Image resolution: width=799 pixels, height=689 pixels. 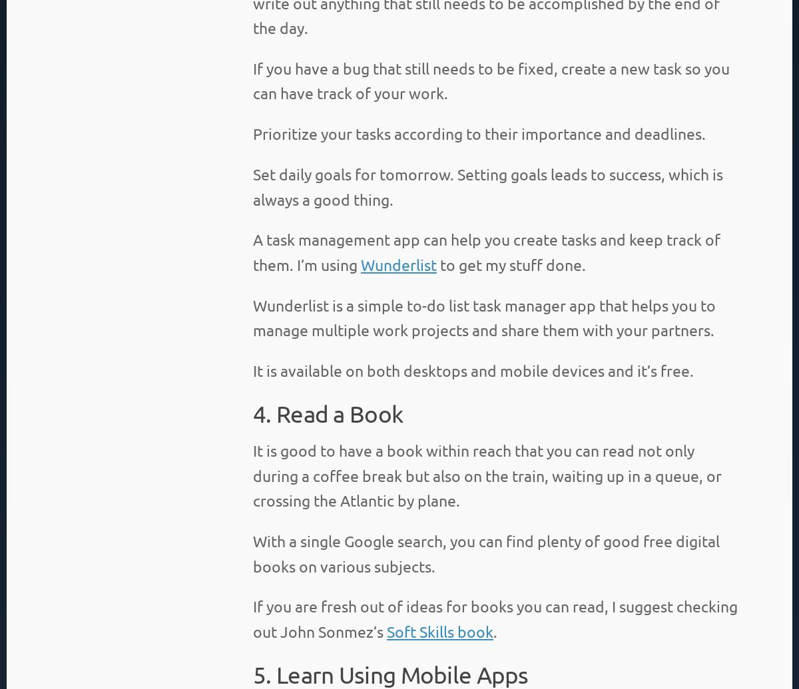 What do you see at coordinates (487, 251) in the screenshot?
I see `'A task management app can help you create tasks and keep track of them. I’m using'` at bounding box center [487, 251].